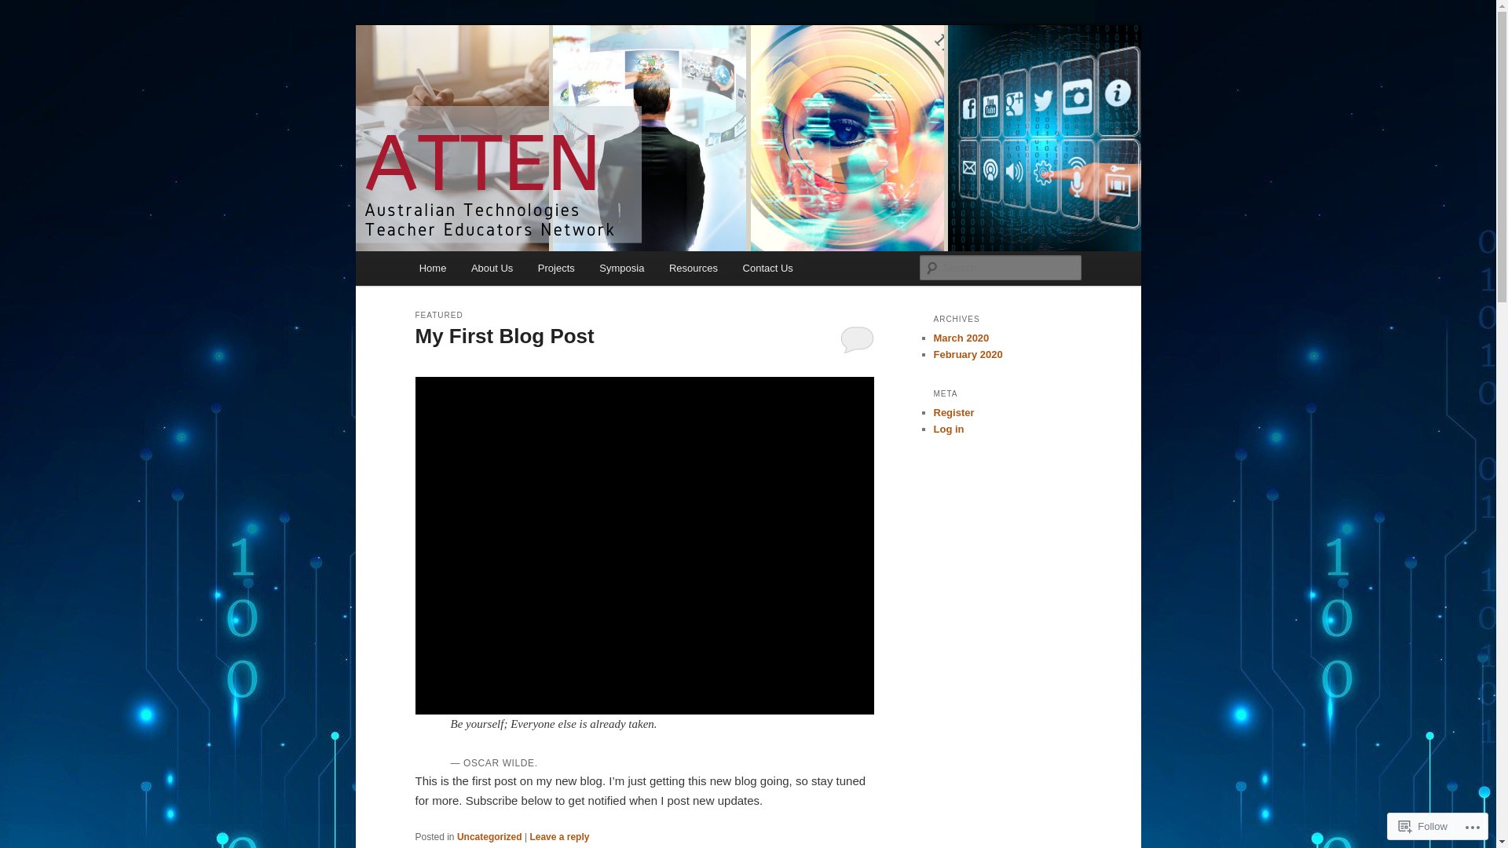 The width and height of the screenshot is (1508, 848). I want to click on 'Log in', so click(947, 429).